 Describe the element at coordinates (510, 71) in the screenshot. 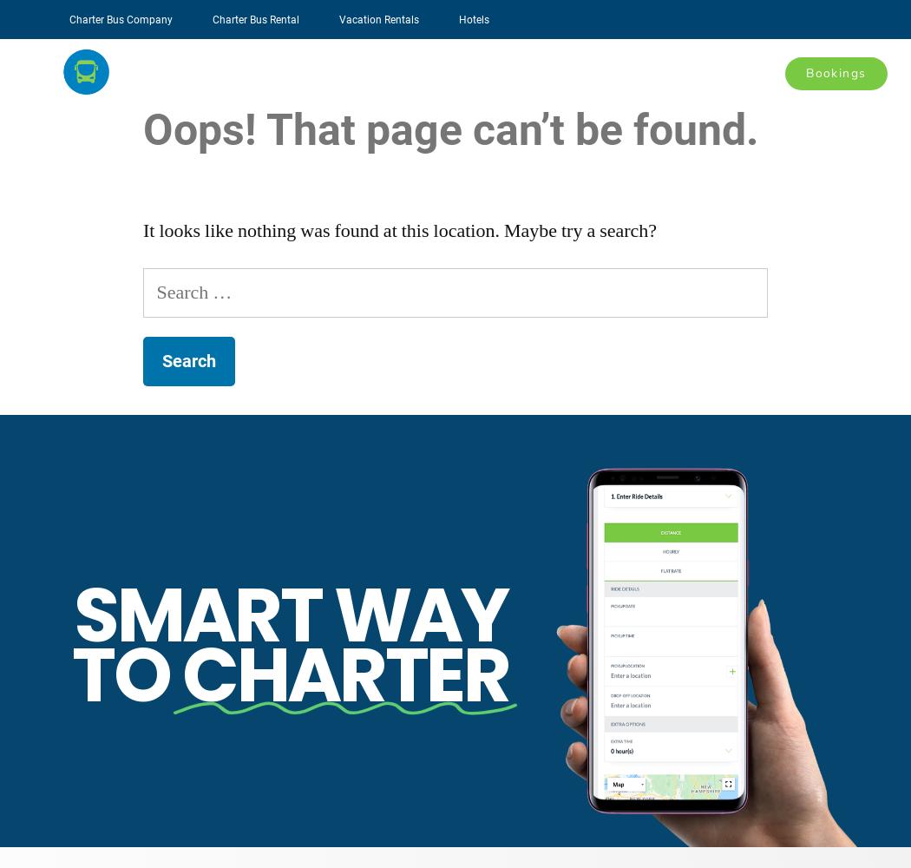

I see `'Services'` at that location.